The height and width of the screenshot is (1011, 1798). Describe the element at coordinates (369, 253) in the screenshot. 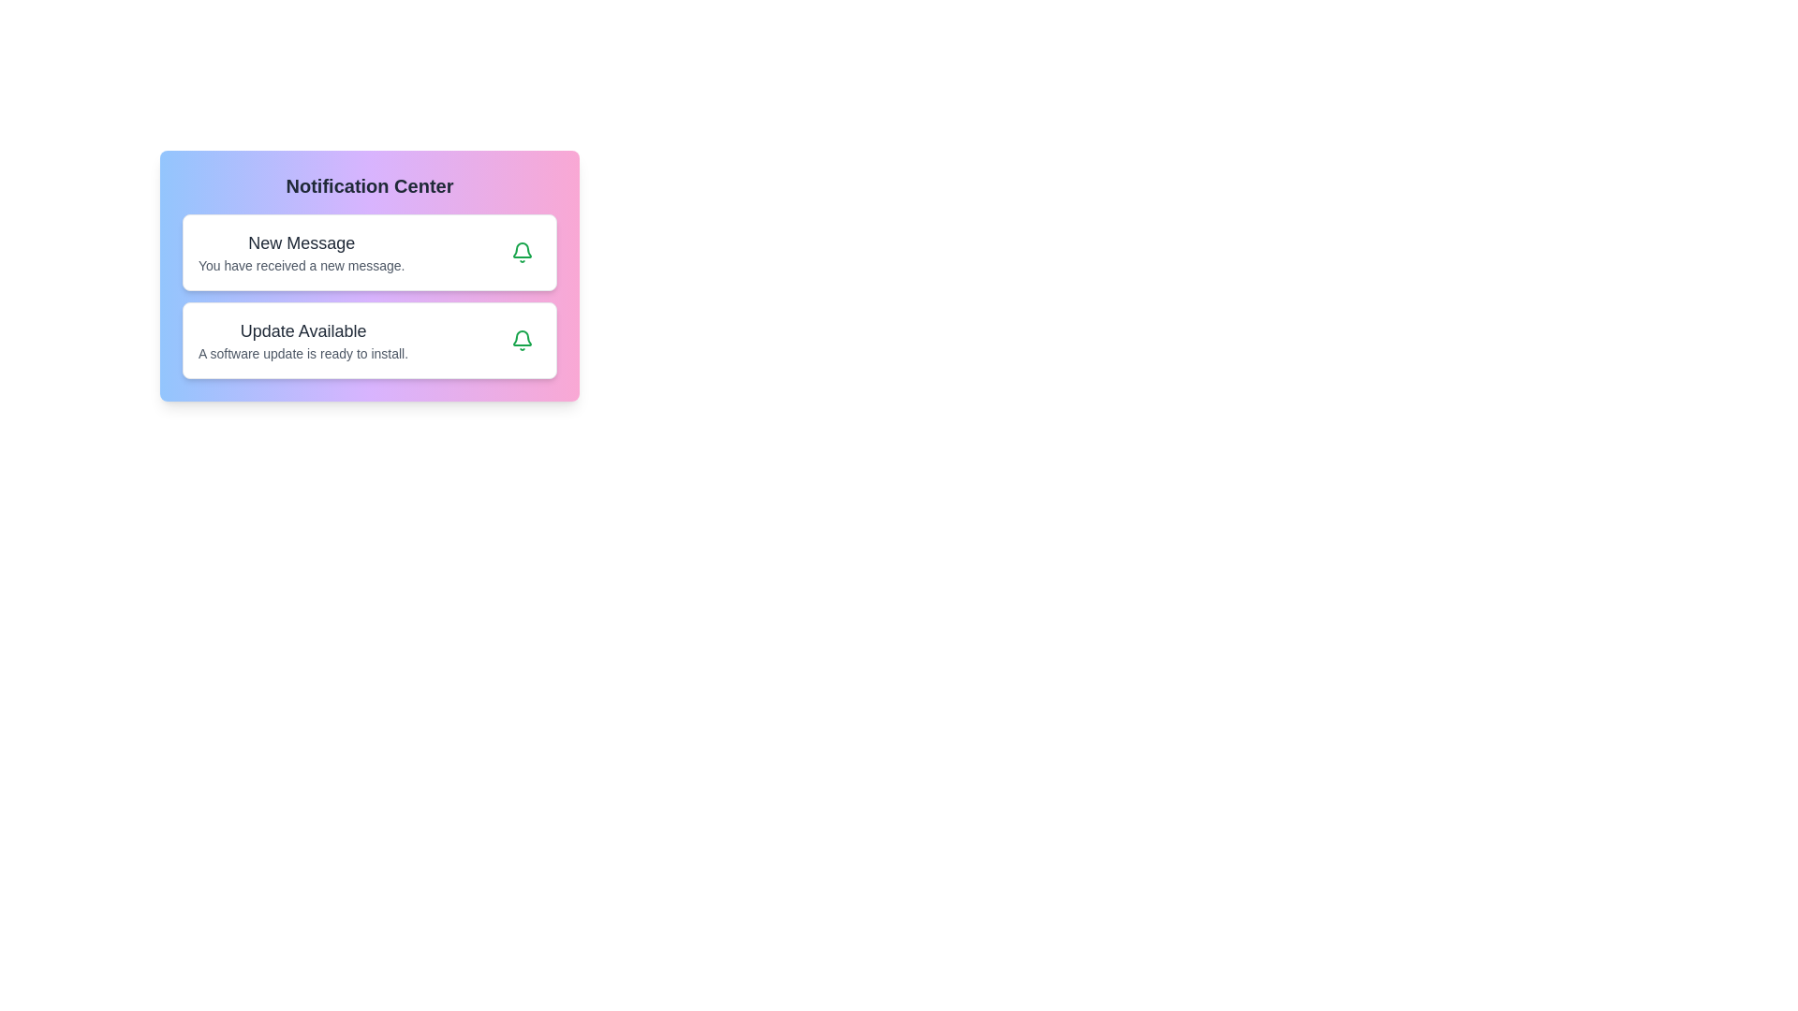

I see `the first notification card titled 'New Message' in the Notification Center` at that location.